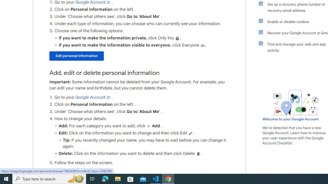 This screenshot has width=328, height=184. What do you see at coordinates (291, 119) in the screenshot?
I see `'Welcome to your Google Account'` at bounding box center [291, 119].